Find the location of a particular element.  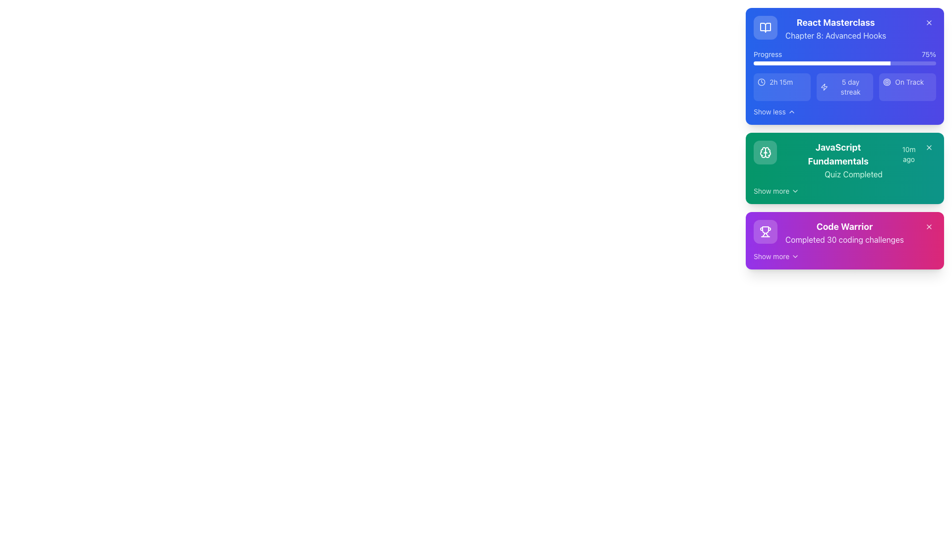

the compact, rounded square icon with a white brain symbol in the center, located within the green card labeled 'JavaScript Fundamentals' on the right side of the interface is located at coordinates (765, 153).